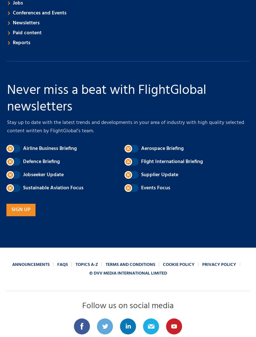  I want to click on 'Newsletters', so click(12, 22).